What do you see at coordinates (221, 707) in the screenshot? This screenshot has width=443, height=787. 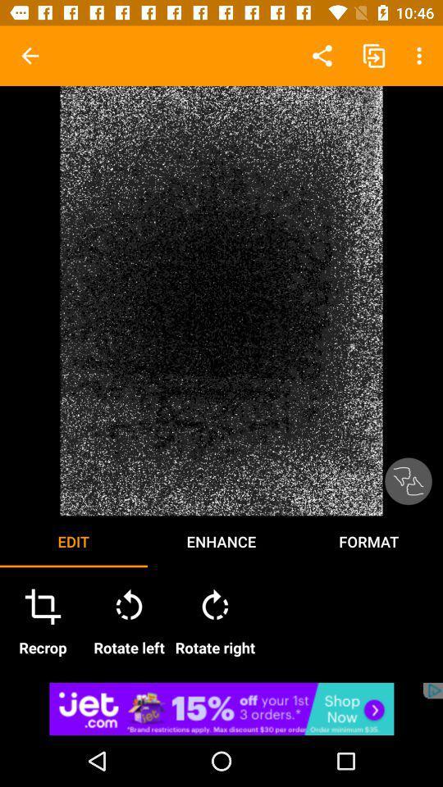 I see `click the link` at bounding box center [221, 707].